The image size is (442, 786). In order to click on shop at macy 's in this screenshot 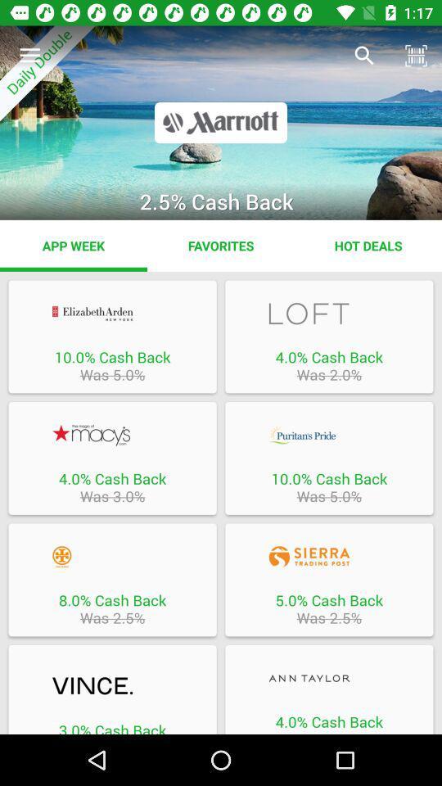, I will do `click(111, 434)`.